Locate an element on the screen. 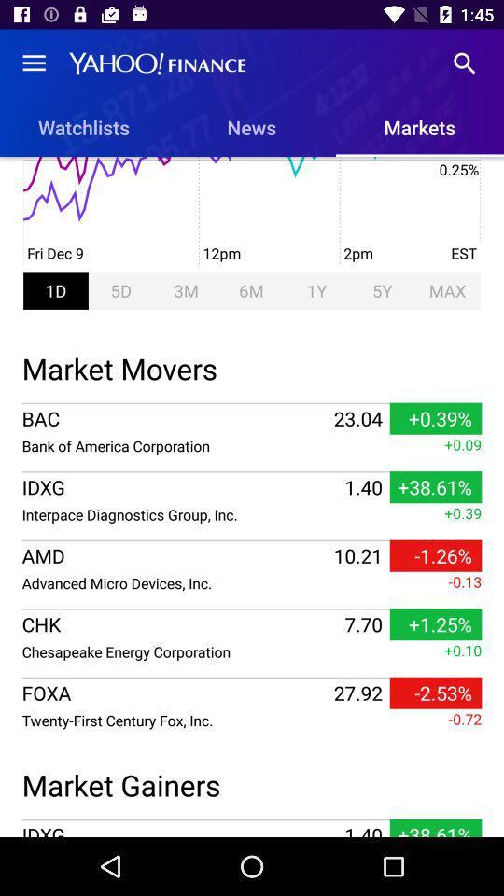 The width and height of the screenshot is (504, 896). item below bank of america item is located at coordinates (252, 470).